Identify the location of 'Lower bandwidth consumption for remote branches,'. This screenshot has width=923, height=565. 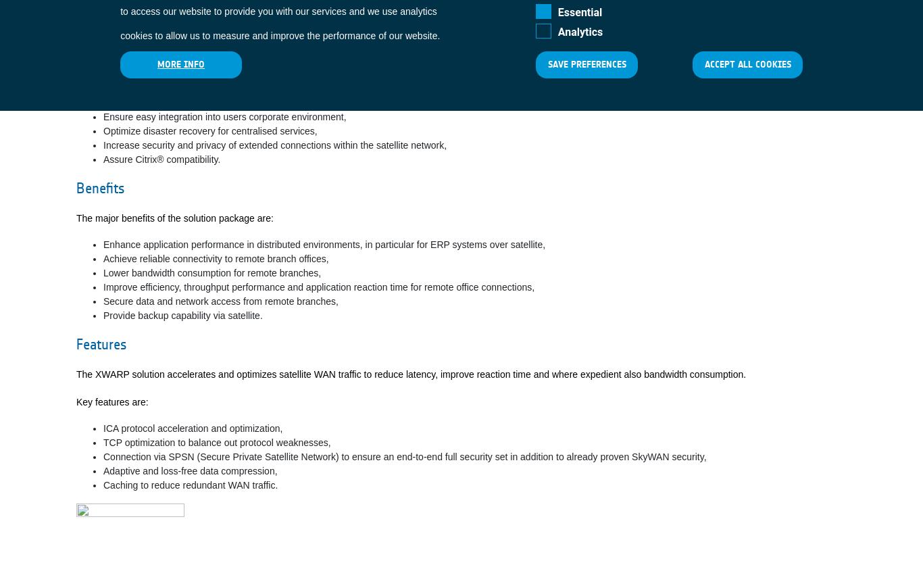
(212, 272).